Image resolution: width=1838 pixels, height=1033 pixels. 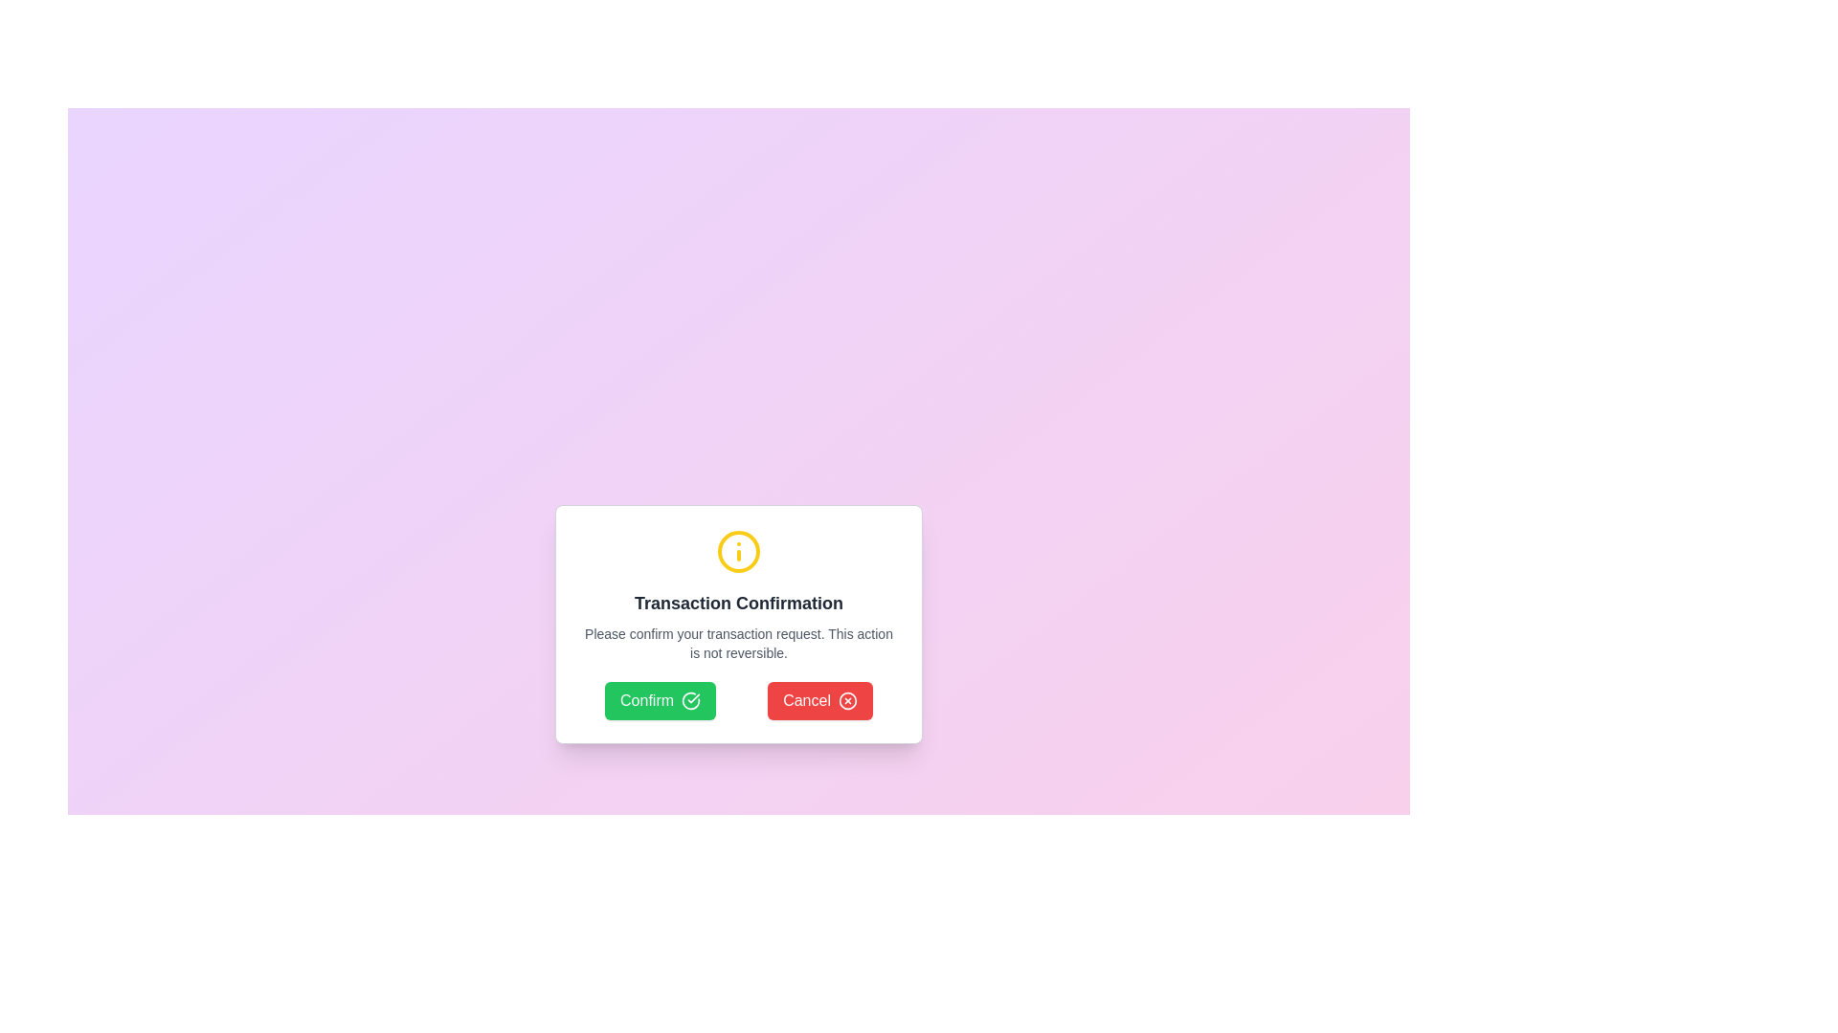 What do you see at coordinates (846, 700) in the screenshot?
I see `the cancellation icon located to the far-right side of the 'Cancel' button in the bottom-right portion of the transaction confirmation dialog` at bounding box center [846, 700].